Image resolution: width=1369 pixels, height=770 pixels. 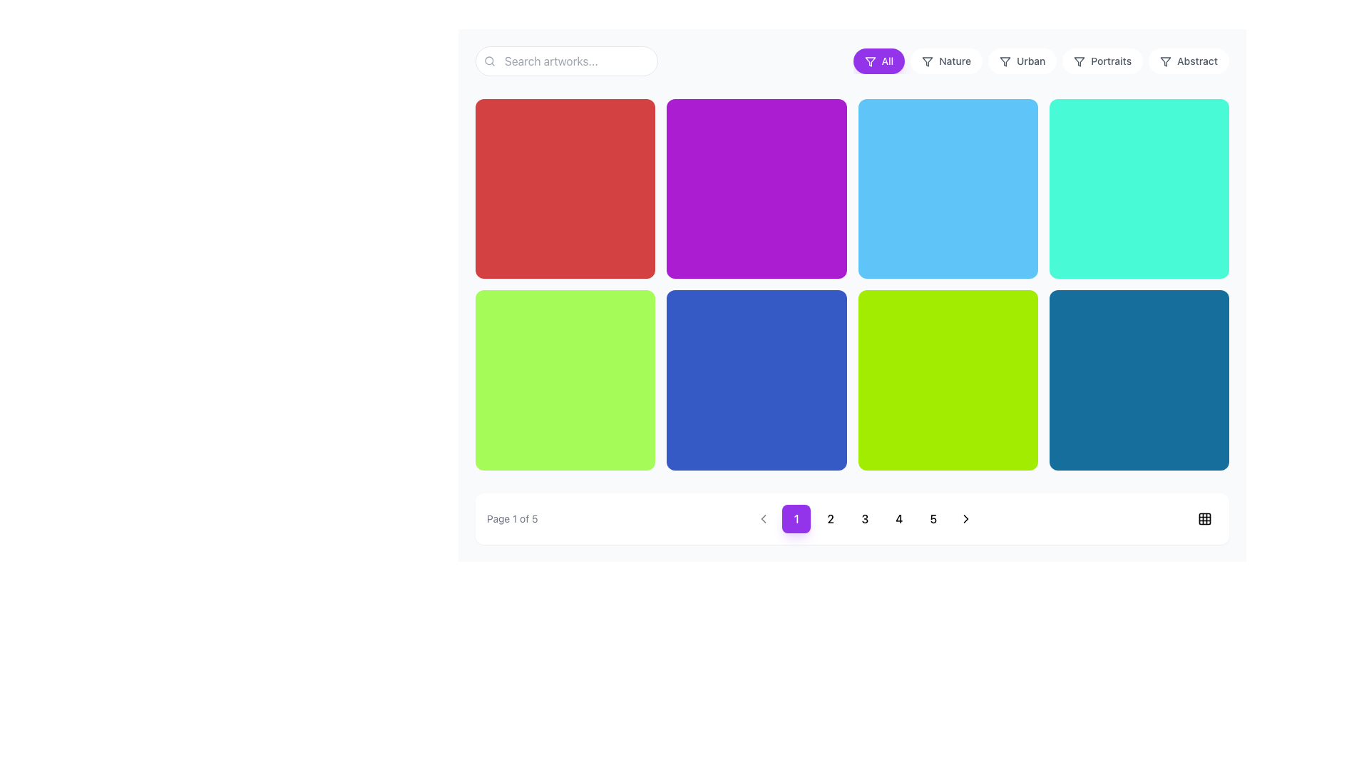 I want to click on the interactive icons located in the upper-right corner of the vibrant green card's action bar, so click(x=1007, y=317).